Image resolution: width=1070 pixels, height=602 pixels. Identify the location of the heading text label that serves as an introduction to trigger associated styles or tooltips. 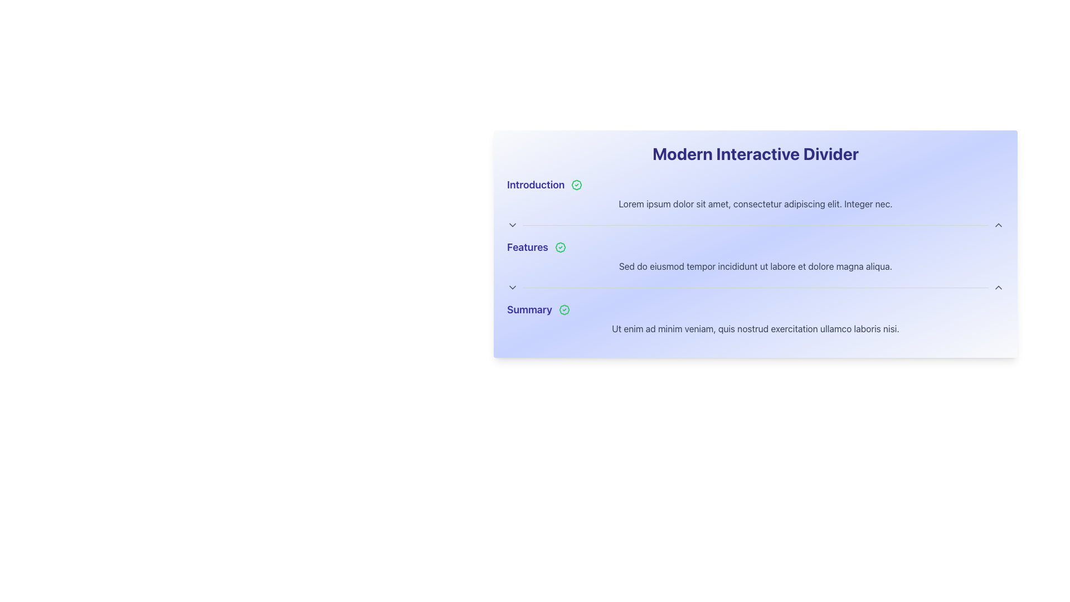
(536, 184).